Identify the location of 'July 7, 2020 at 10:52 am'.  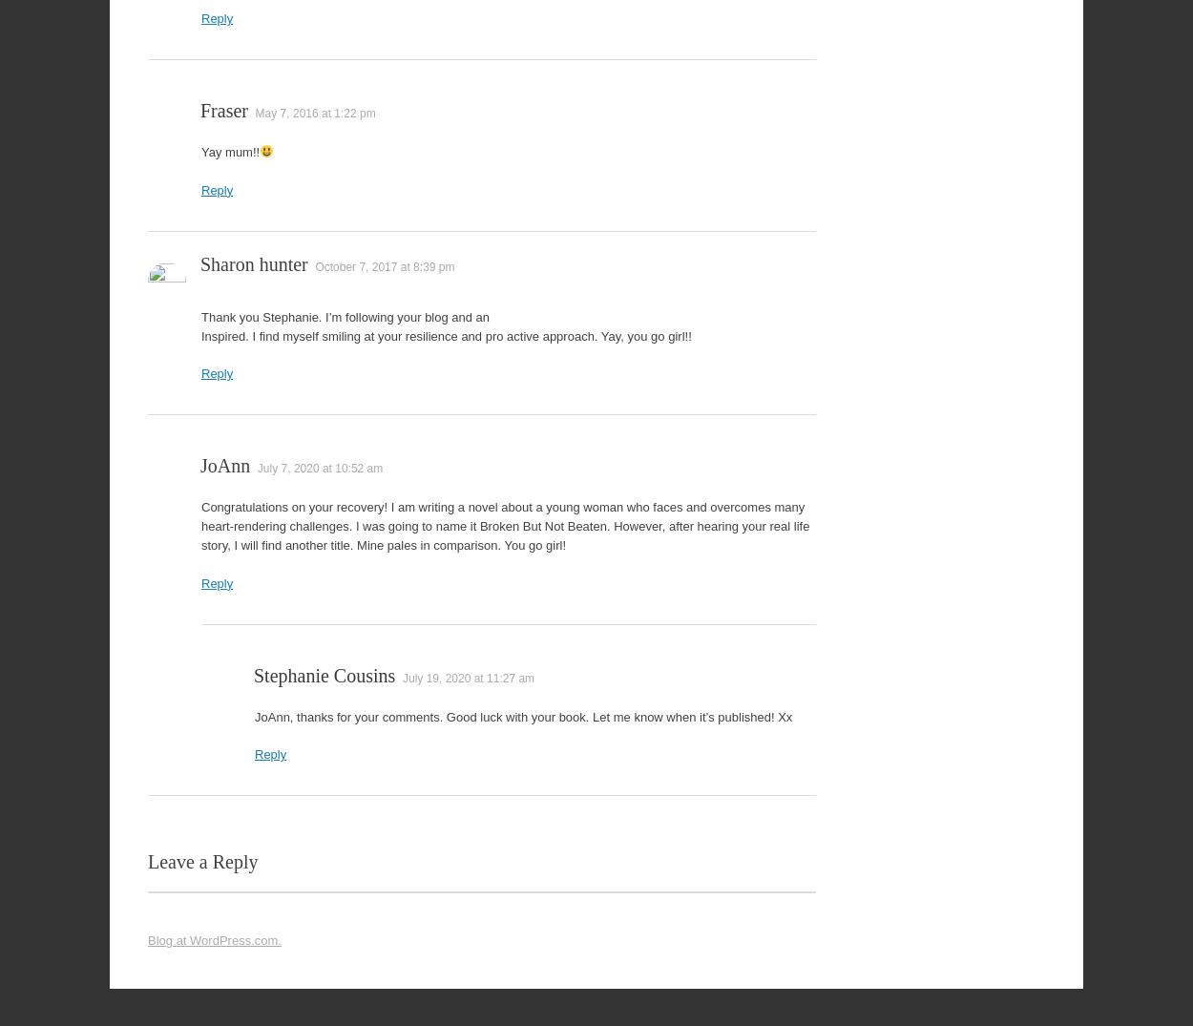
(319, 467).